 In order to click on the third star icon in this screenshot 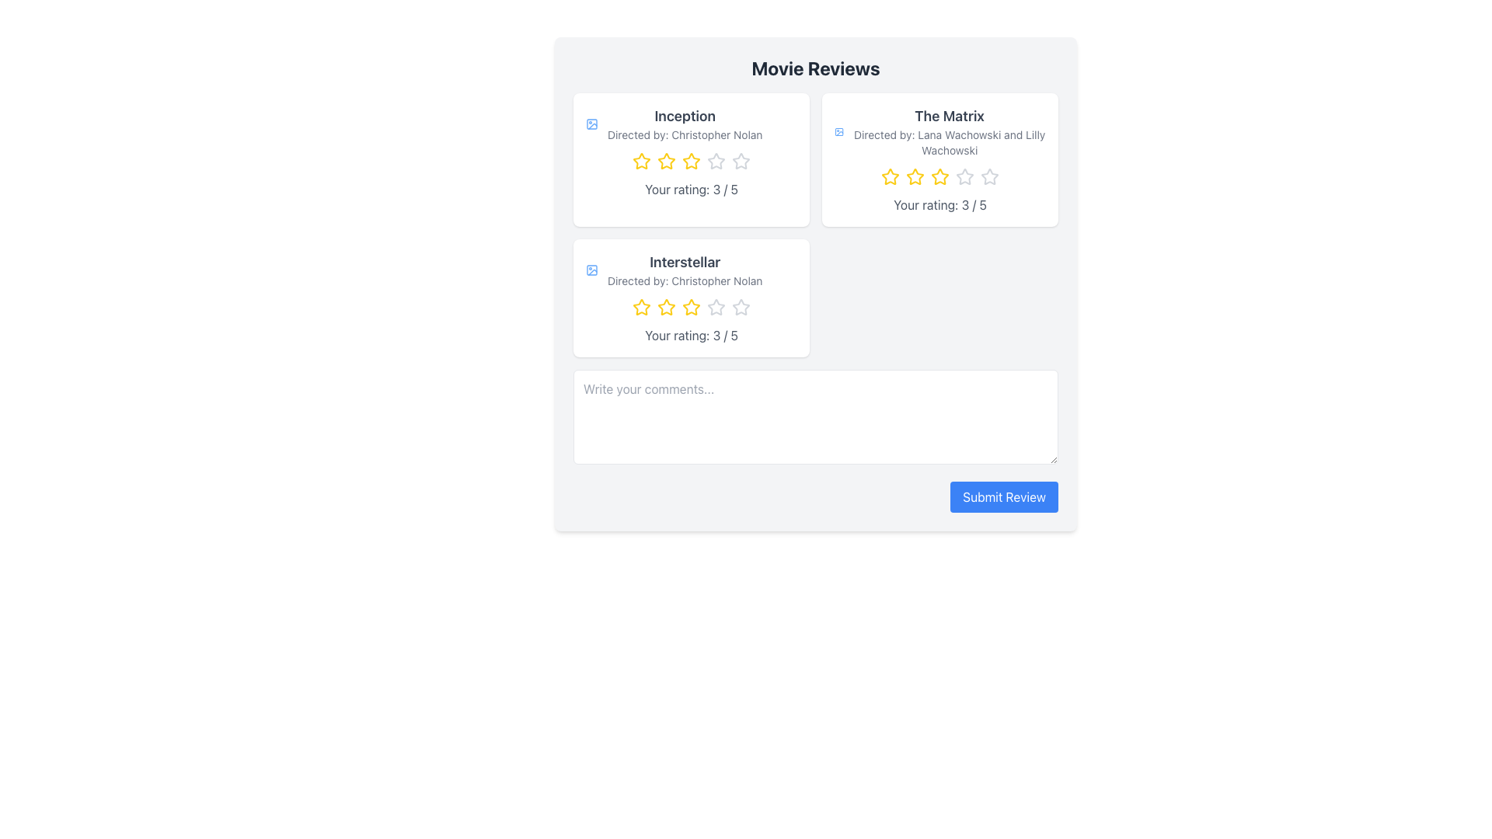, I will do `click(690, 162)`.